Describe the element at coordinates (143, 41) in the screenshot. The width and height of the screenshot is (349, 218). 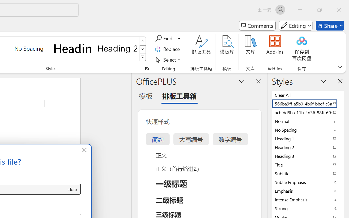
I see `'Row up'` at that location.